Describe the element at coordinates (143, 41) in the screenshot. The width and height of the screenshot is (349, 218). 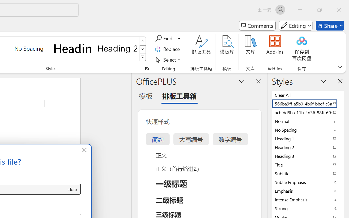
I see `'Row up'` at that location.